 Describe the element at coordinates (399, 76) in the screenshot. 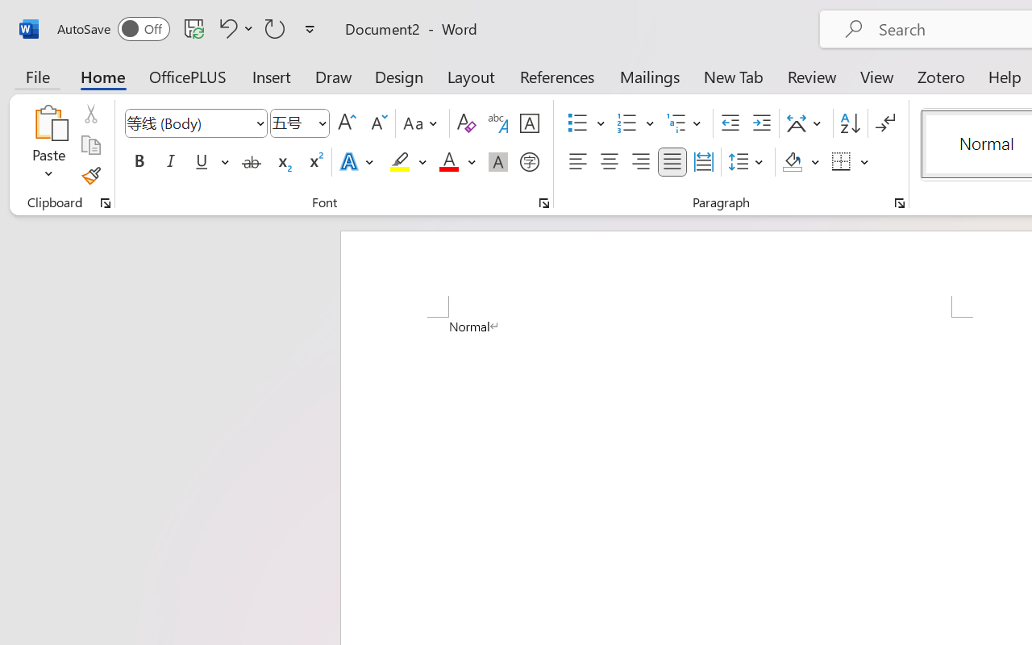

I see `'Design'` at that location.